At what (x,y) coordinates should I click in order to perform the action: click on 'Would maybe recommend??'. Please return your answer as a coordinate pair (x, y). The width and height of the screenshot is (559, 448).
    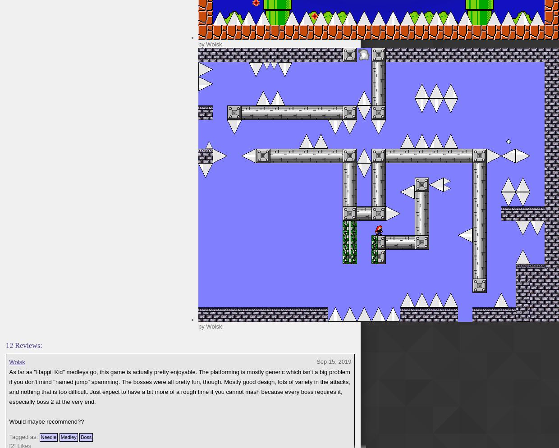
    Looking at the image, I should click on (8, 421).